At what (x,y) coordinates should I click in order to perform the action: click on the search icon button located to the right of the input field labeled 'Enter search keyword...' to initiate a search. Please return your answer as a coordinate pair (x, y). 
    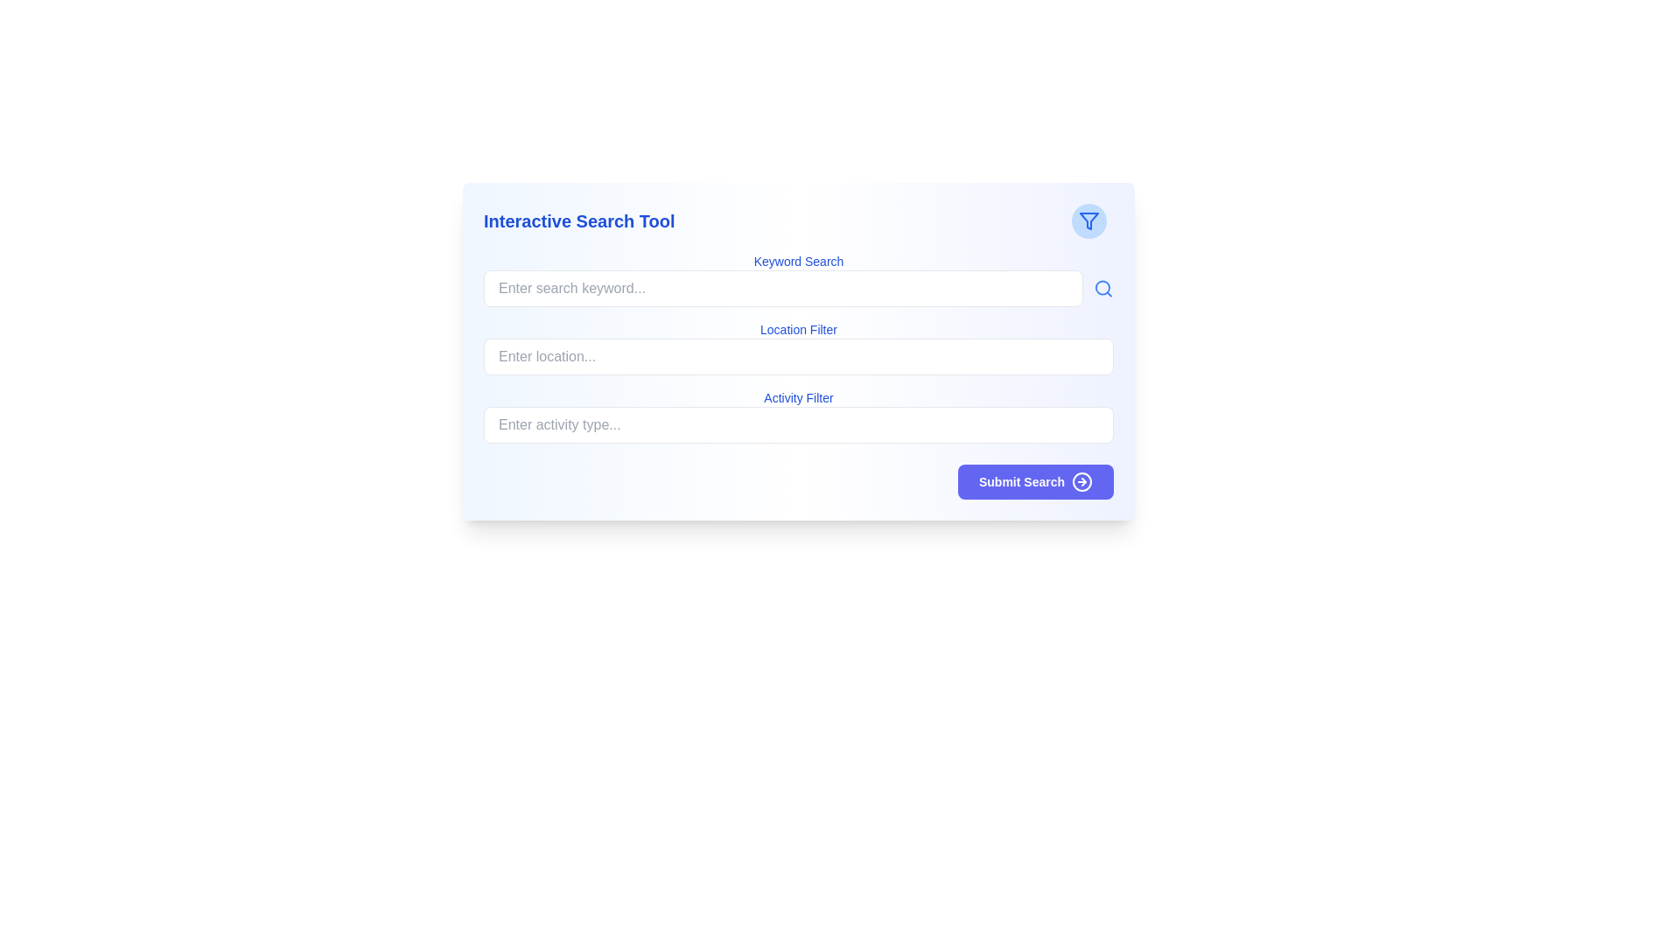
    Looking at the image, I should click on (1102, 288).